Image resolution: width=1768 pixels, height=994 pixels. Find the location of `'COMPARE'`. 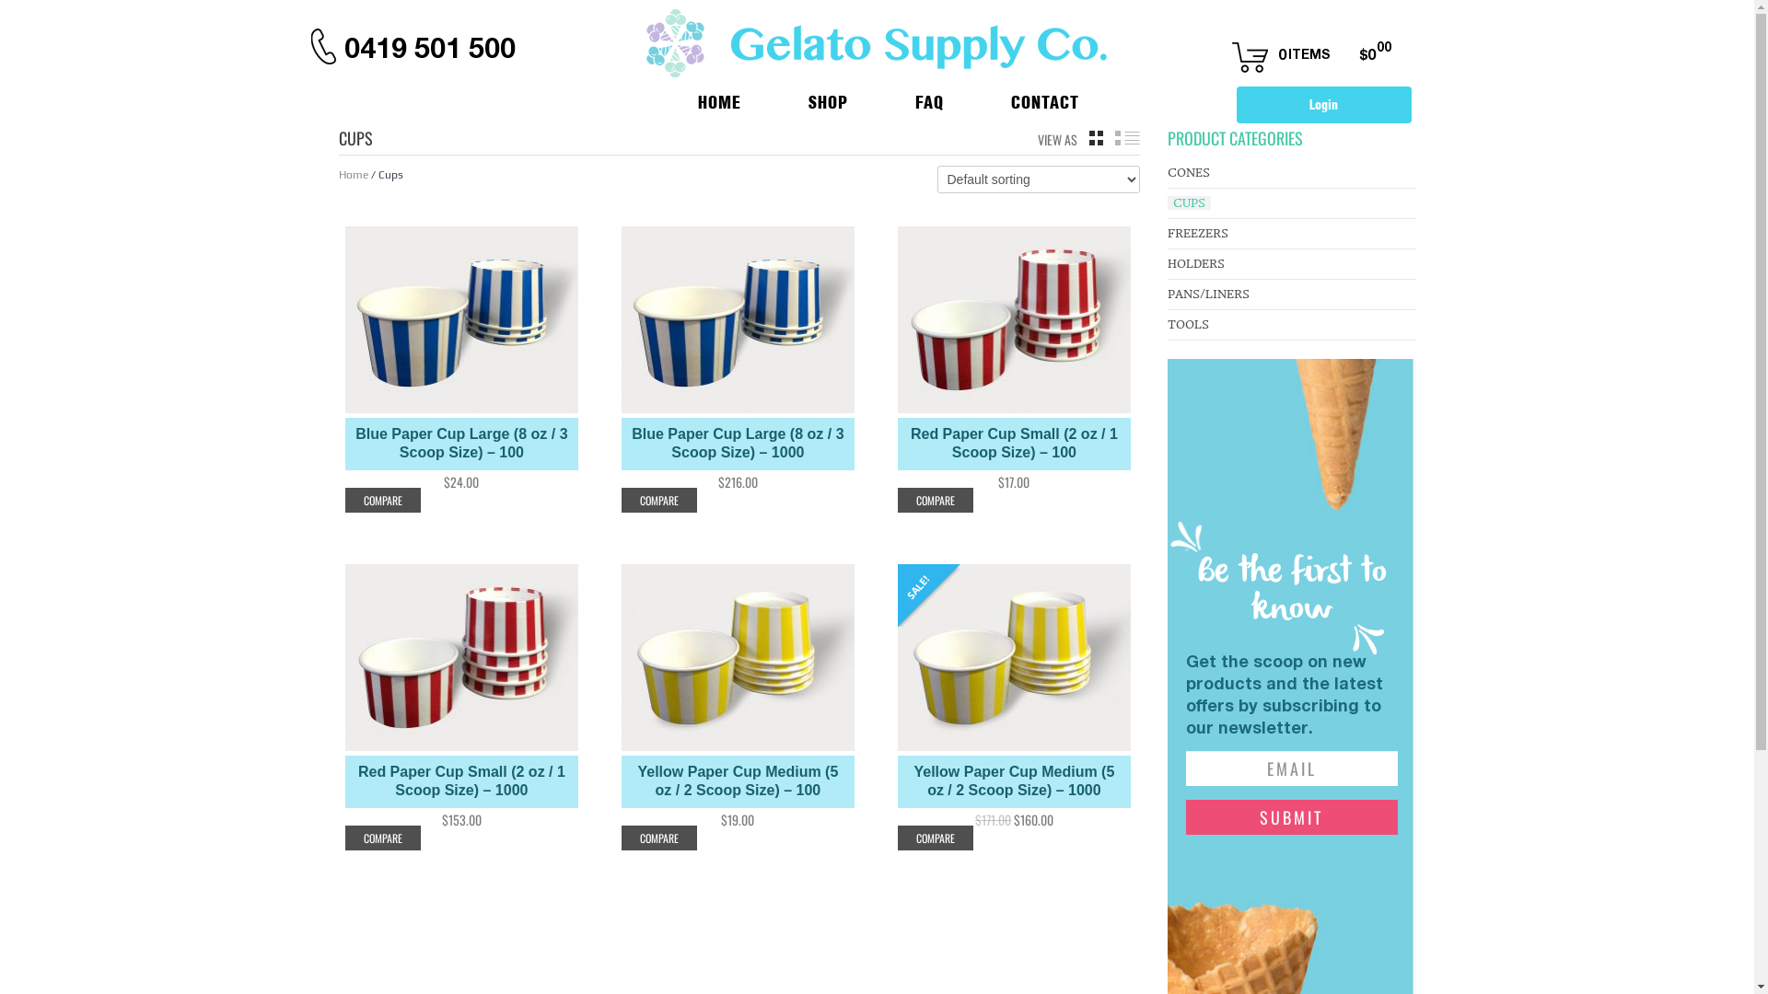

'COMPARE' is located at coordinates (380, 500).